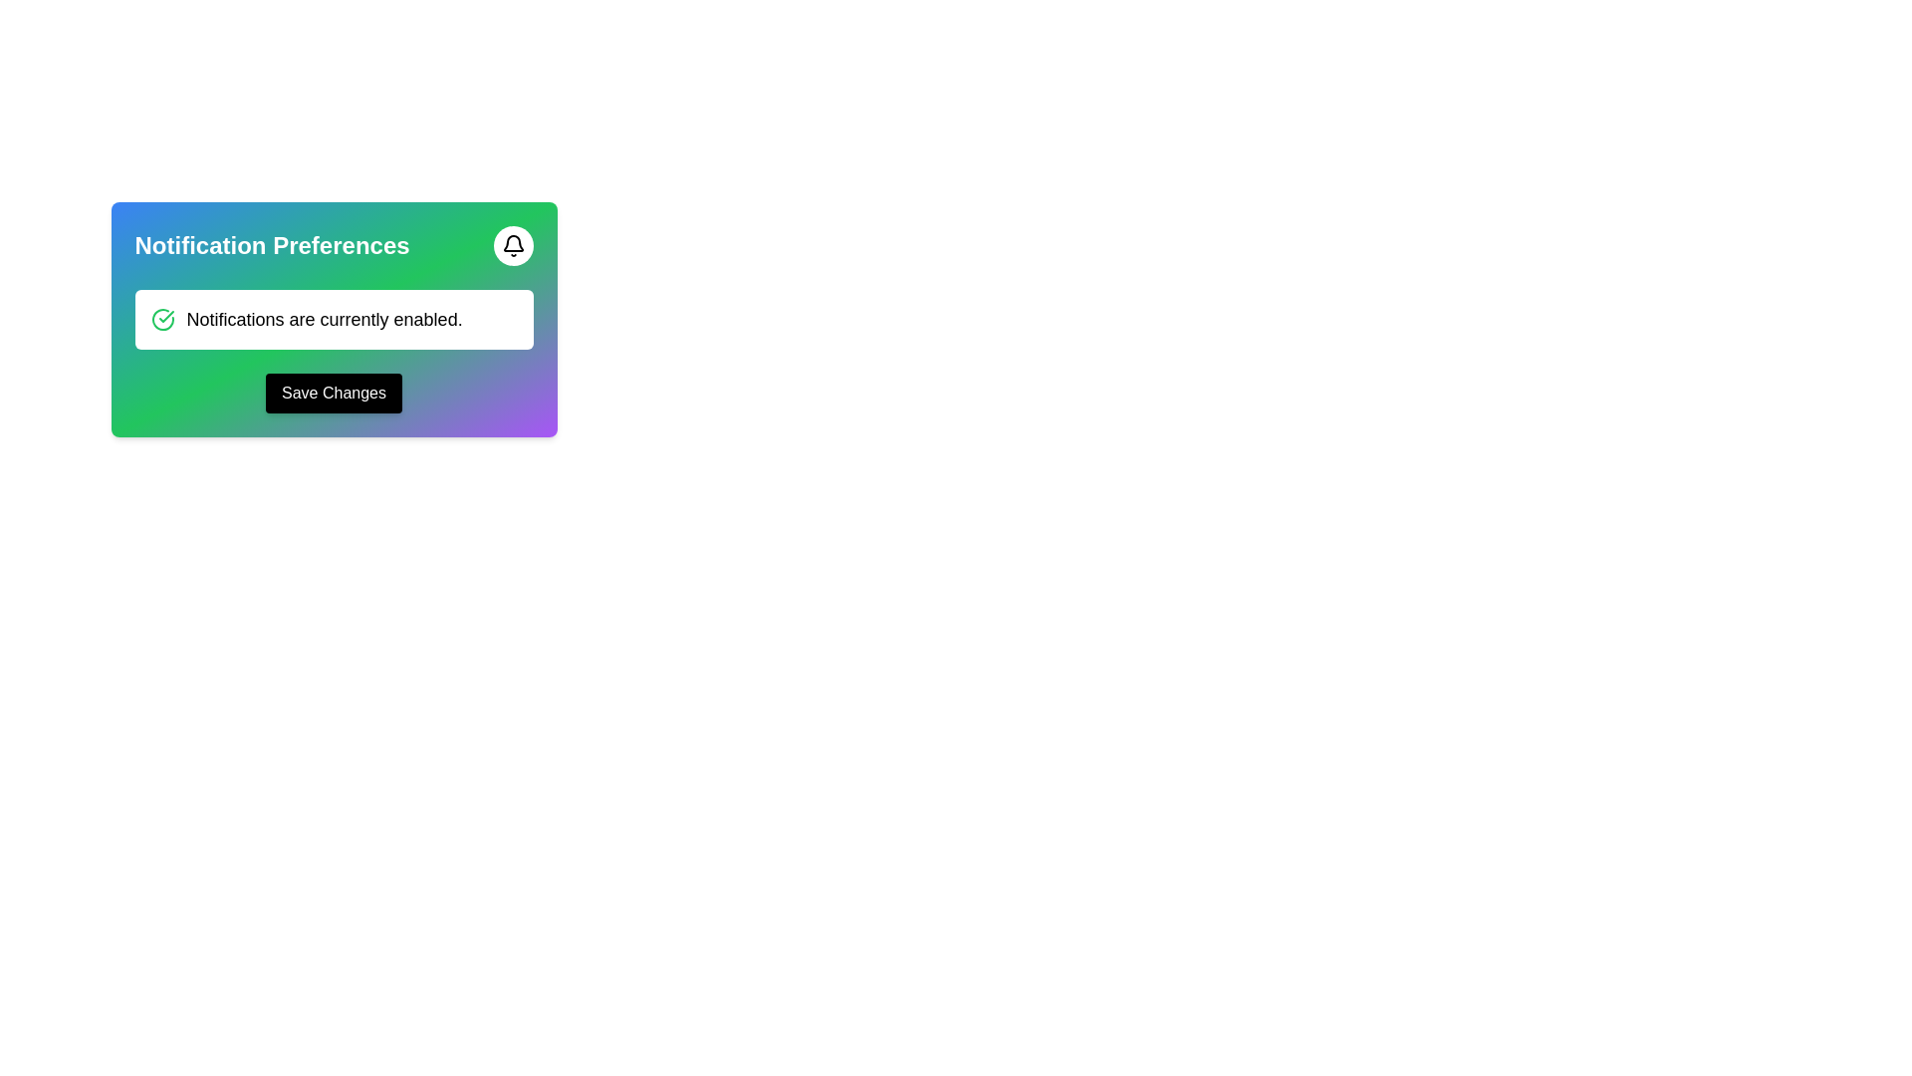  What do you see at coordinates (325, 318) in the screenshot?
I see `the text label displaying 'Notifications are currently enabled.' which features a black sans-serif font, indicating that notifications are enabled` at bounding box center [325, 318].